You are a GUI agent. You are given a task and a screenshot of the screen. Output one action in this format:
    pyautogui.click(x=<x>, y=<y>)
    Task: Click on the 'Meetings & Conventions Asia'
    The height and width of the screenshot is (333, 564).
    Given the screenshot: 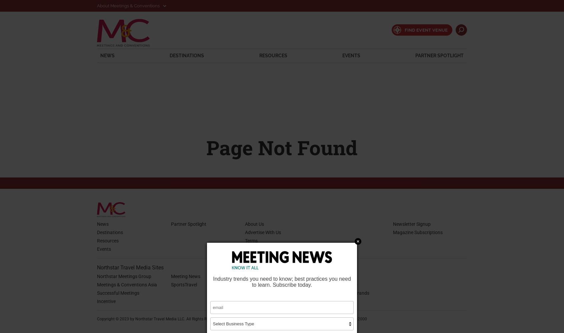 What is the action you would take?
    pyautogui.click(x=127, y=284)
    